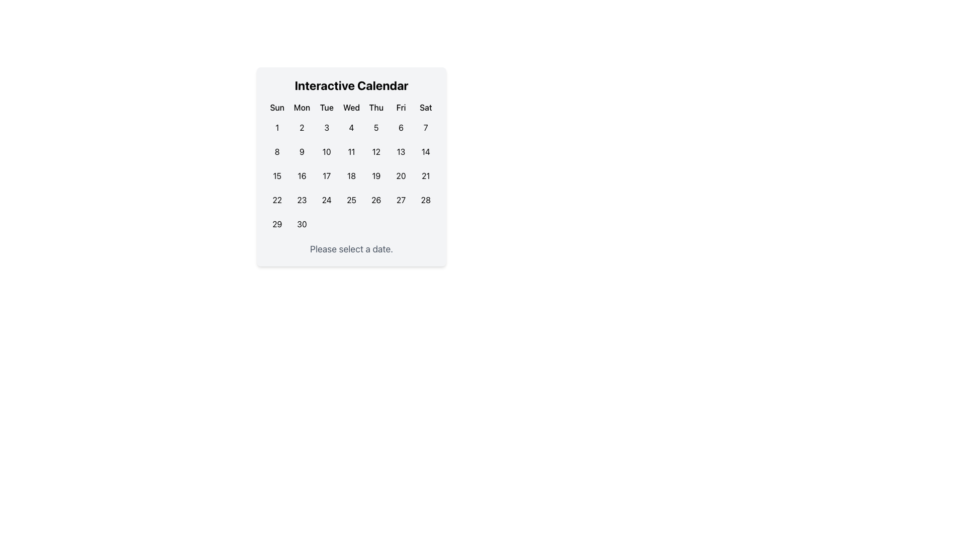 The width and height of the screenshot is (965, 543). Describe the element at coordinates (327, 151) in the screenshot. I see `the Button-like grid cell displaying the number '10' in the calendar layout` at that location.